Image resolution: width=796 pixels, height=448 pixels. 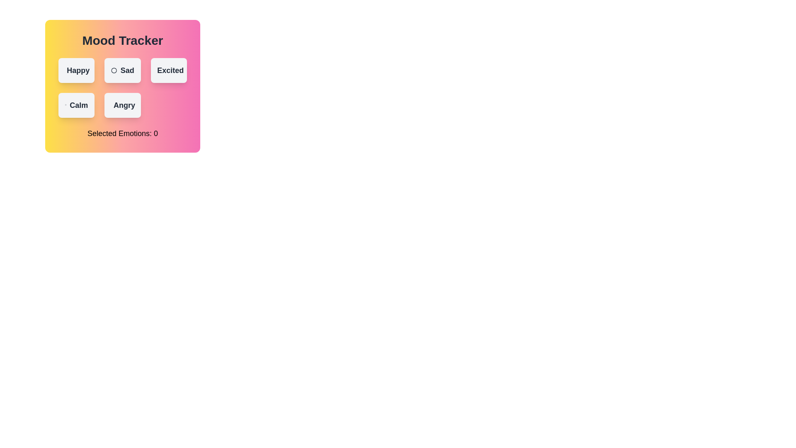 I want to click on the Excited button, so click(x=168, y=70).